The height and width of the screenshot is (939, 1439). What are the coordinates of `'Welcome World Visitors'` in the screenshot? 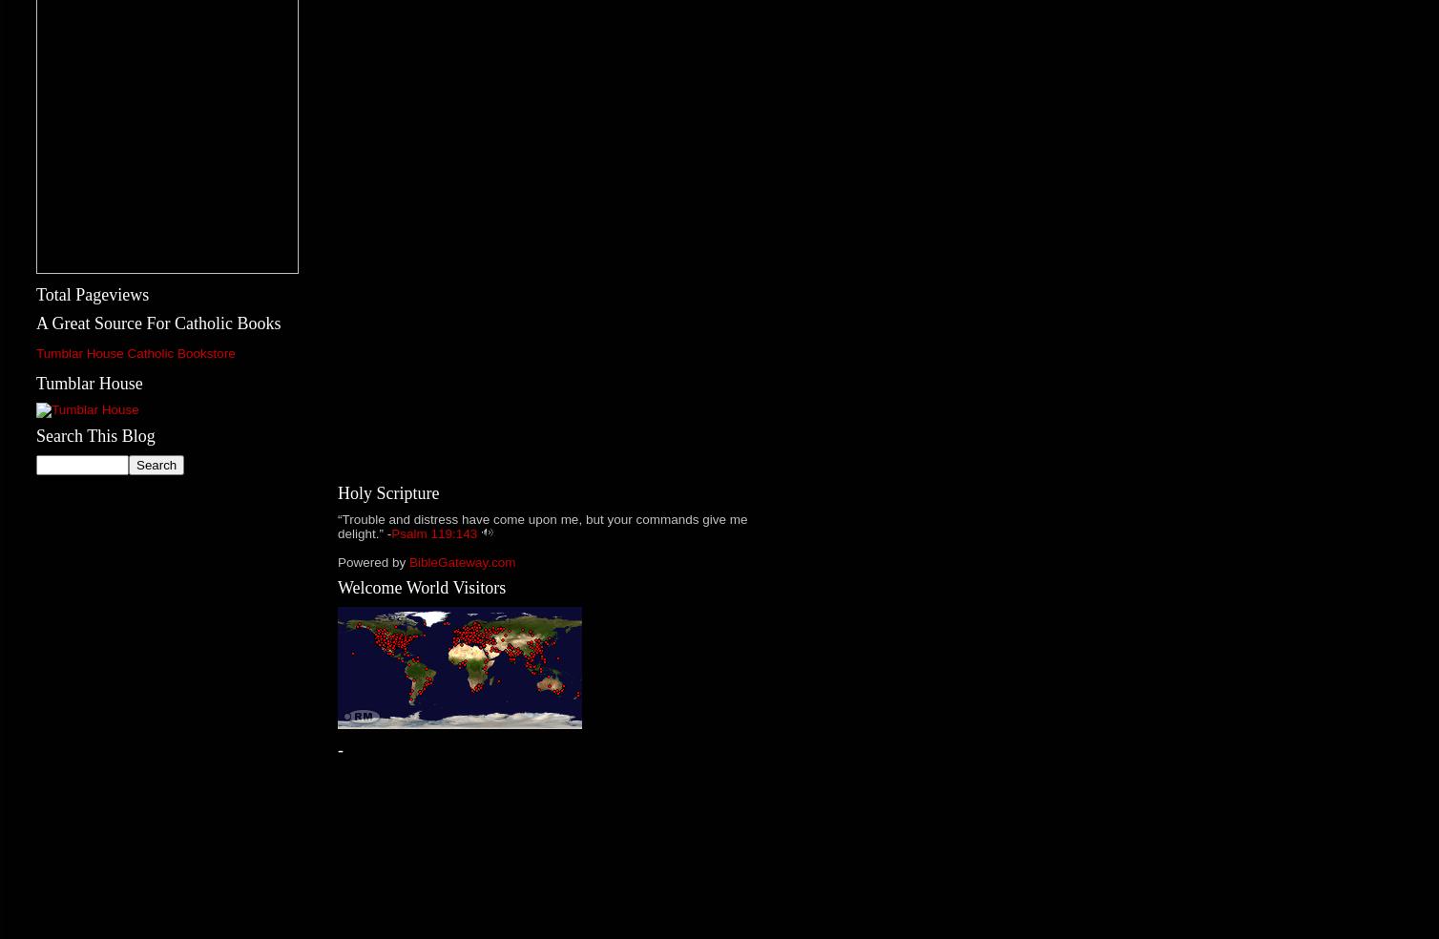 It's located at (421, 586).